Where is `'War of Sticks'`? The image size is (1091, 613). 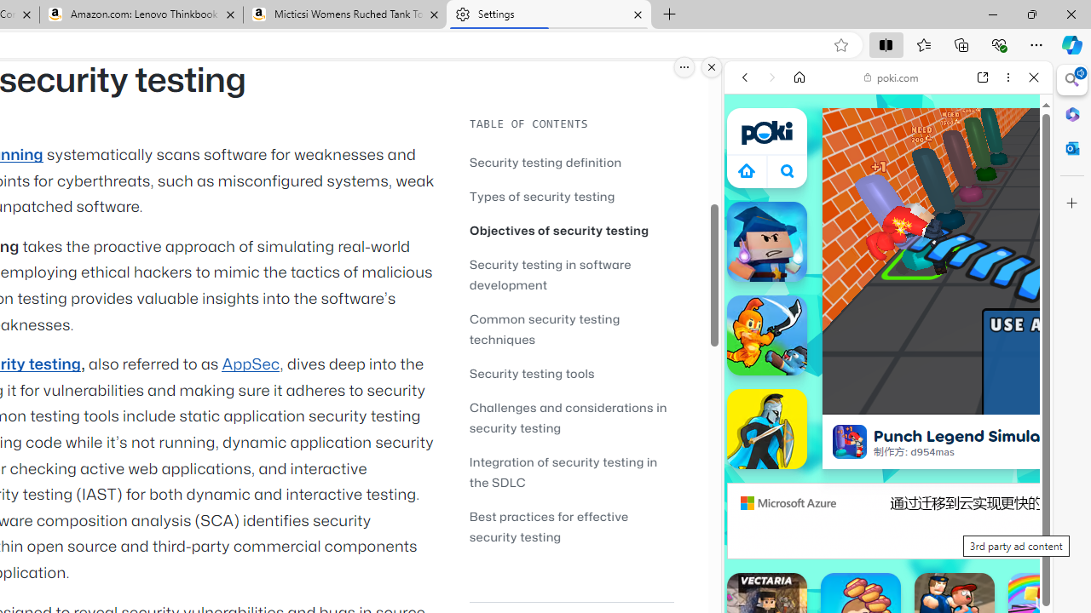 'War of Sticks' is located at coordinates (765, 427).